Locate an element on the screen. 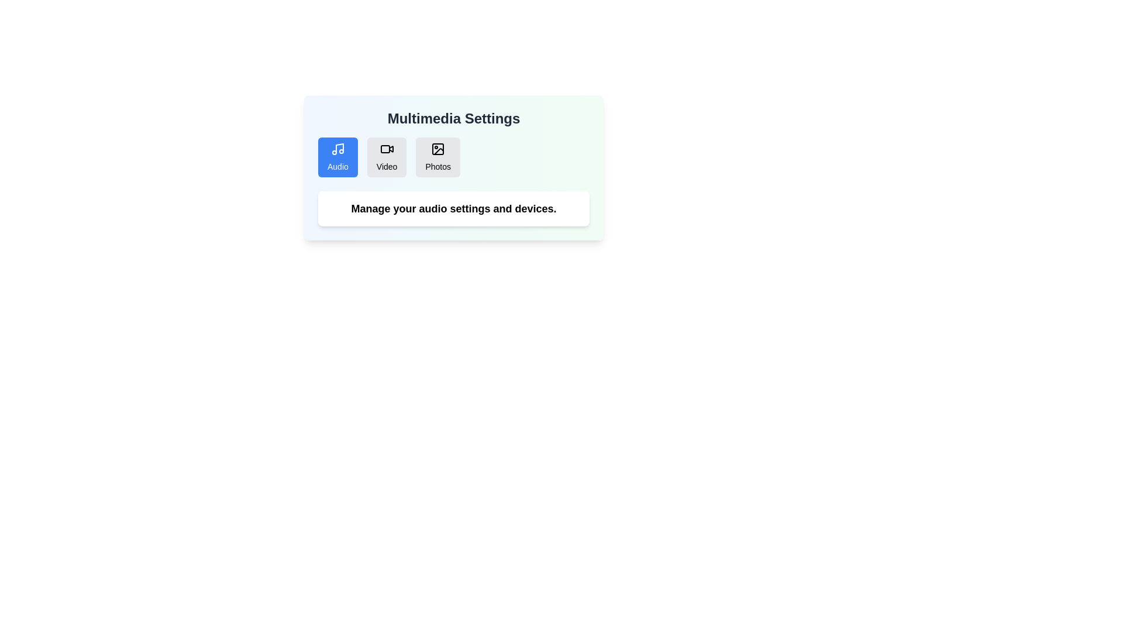 The height and width of the screenshot is (632, 1123). the outlined photo icon located within the 'Photos' button in the Multimedia Settings interface is located at coordinates (438, 148).